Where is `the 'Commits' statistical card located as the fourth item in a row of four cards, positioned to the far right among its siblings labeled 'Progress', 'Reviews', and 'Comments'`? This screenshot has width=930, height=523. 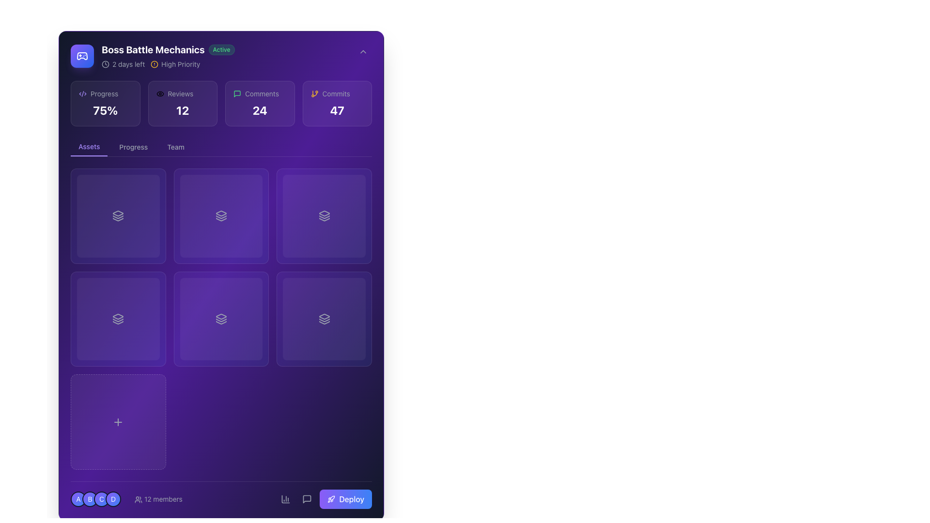 the 'Commits' statistical card located as the fourth item in a row of four cards, positioned to the far right among its siblings labeled 'Progress', 'Reviews', and 'Comments' is located at coordinates (337, 103).